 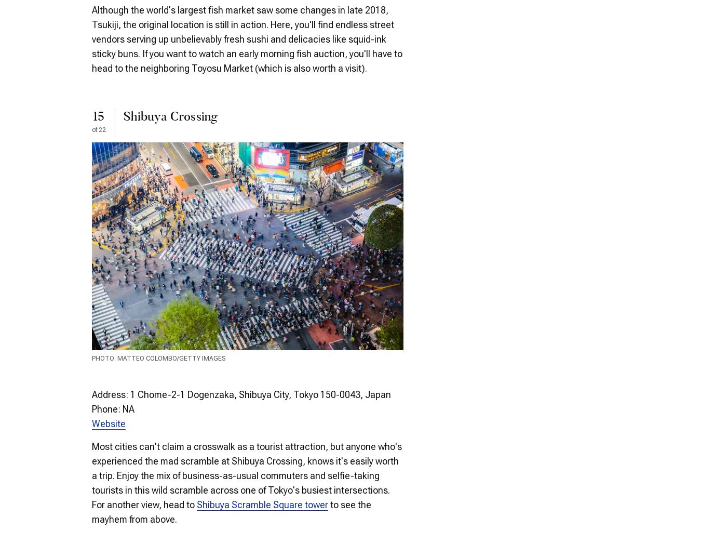 I want to click on 'to see the mayhem from above.', so click(x=91, y=511).